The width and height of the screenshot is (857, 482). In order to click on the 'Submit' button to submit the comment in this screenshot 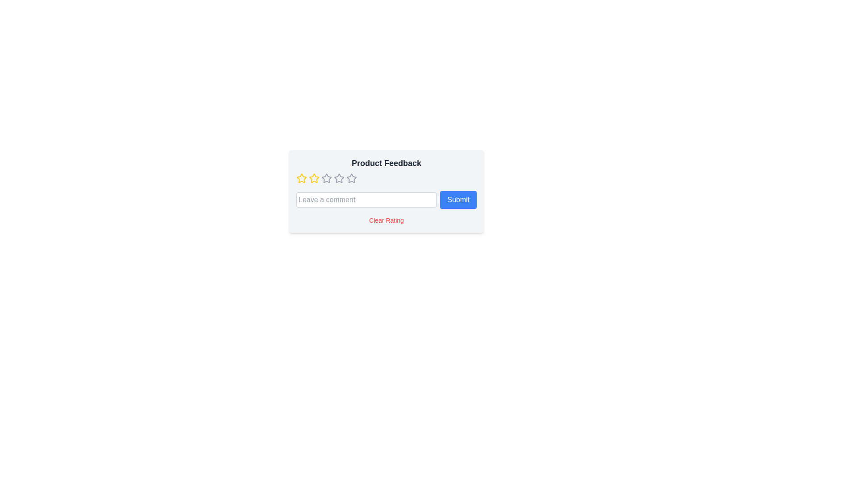, I will do `click(458, 199)`.